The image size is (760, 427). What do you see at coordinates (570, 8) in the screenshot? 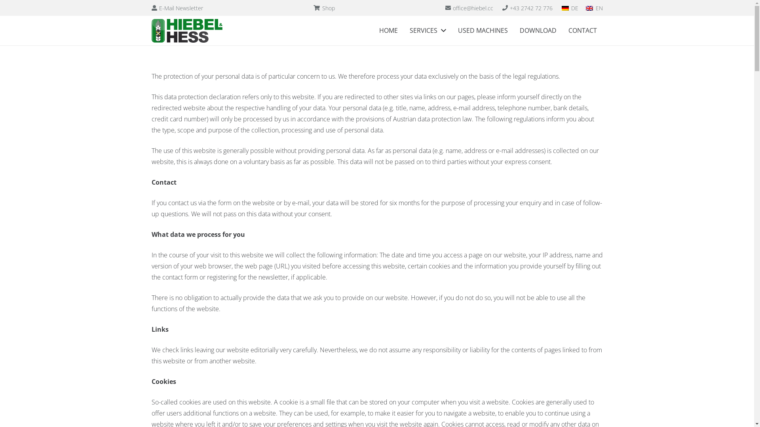
I see `'DE'` at bounding box center [570, 8].